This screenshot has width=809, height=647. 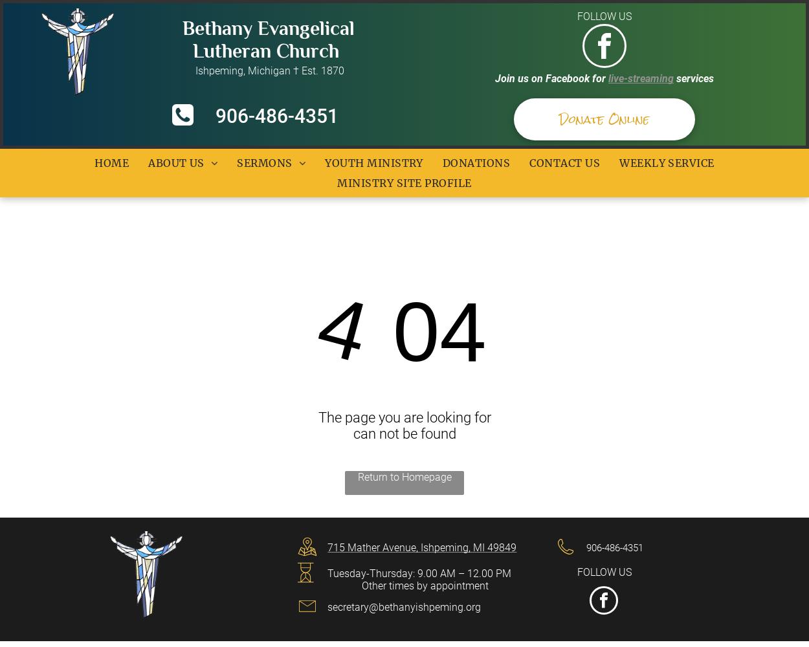 What do you see at coordinates (247, 70) in the screenshot?
I see `'Ishpeming, Michigan † Est. 1870'` at bounding box center [247, 70].